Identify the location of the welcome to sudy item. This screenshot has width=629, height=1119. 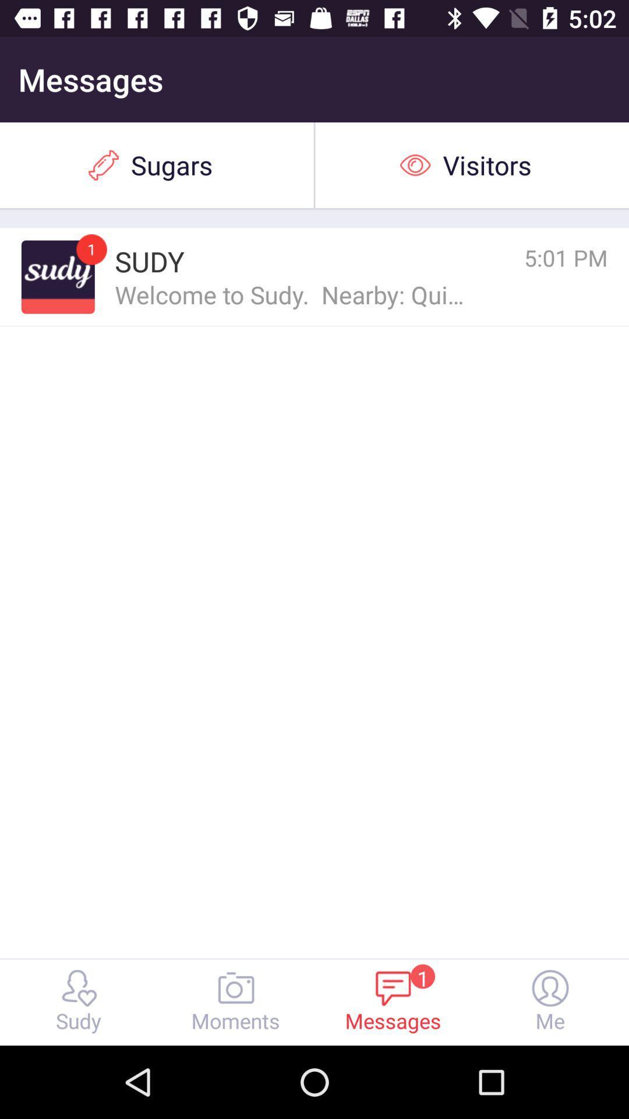
(291, 294).